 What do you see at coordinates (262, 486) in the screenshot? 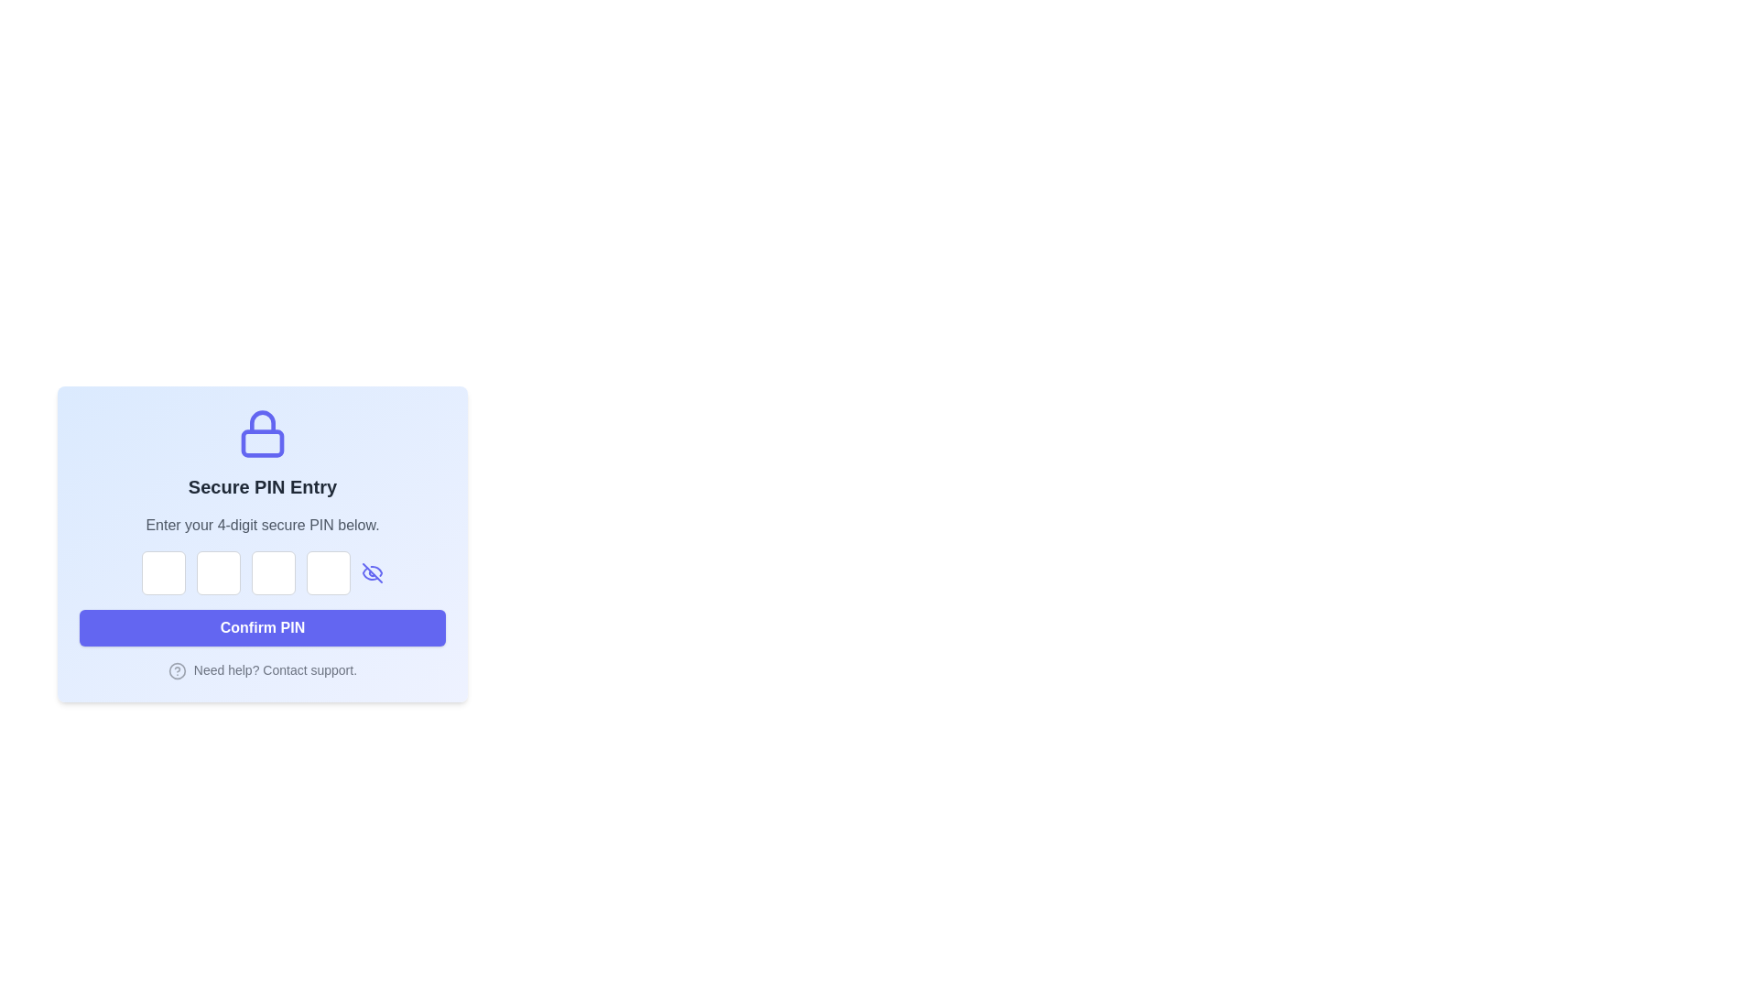
I see `the 'Secure PIN Entry' text label, which is displayed in bold and larger font, styled in dark gray, and located centrally at the top of a card interface` at bounding box center [262, 486].